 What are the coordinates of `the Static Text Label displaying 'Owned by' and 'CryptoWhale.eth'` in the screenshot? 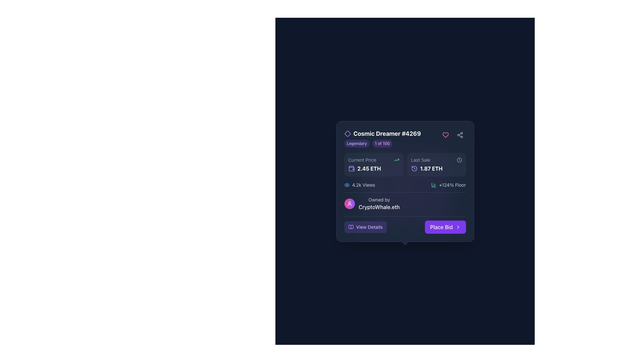 It's located at (379, 203).